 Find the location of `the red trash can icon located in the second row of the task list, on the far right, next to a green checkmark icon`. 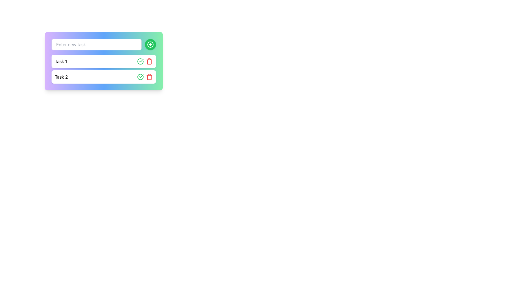

the red trash can icon located in the second row of the task list, on the far right, next to a green checkmark icon is located at coordinates (149, 77).